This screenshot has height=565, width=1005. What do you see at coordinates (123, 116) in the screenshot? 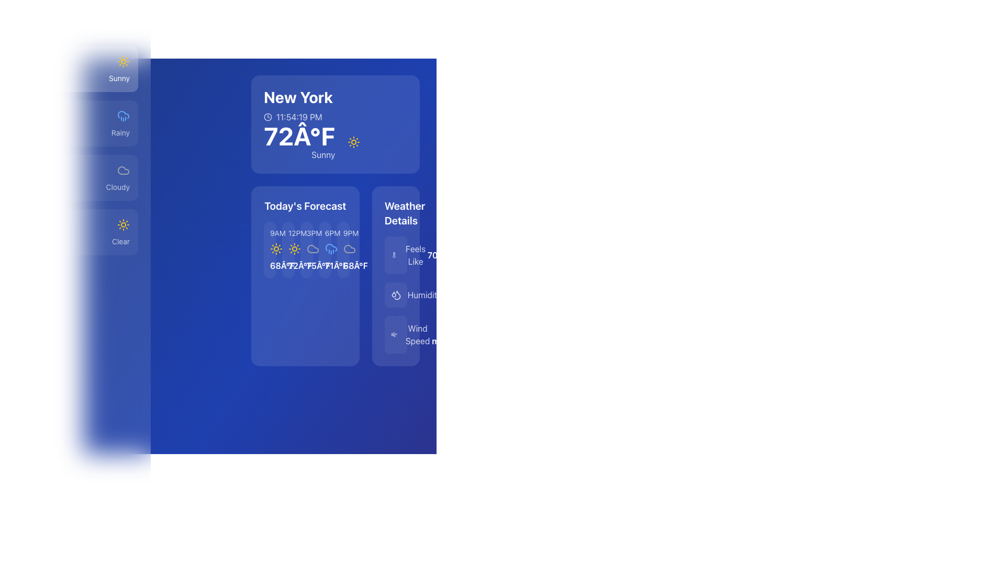
I see `the 'Rainy' weather icon located` at bounding box center [123, 116].